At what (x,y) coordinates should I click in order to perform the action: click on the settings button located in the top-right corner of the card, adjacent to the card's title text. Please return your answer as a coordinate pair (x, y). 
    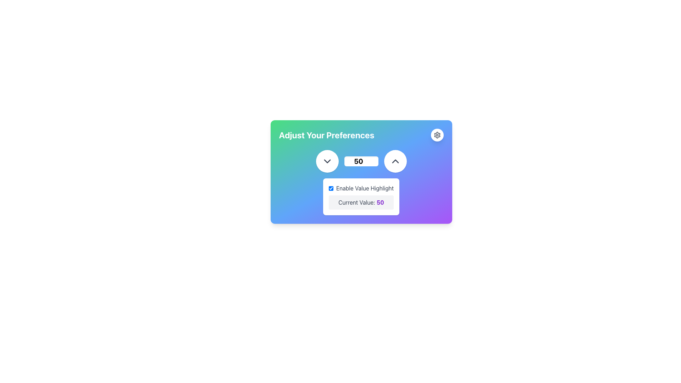
    Looking at the image, I should click on (437, 135).